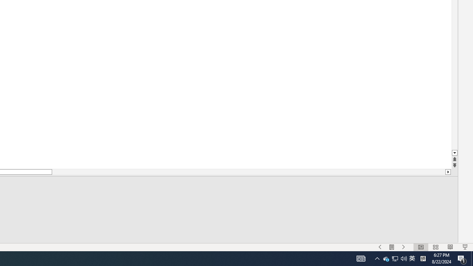 This screenshot has width=473, height=266. What do you see at coordinates (403, 247) in the screenshot?
I see `'Slide Show Next On'` at bounding box center [403, 247].